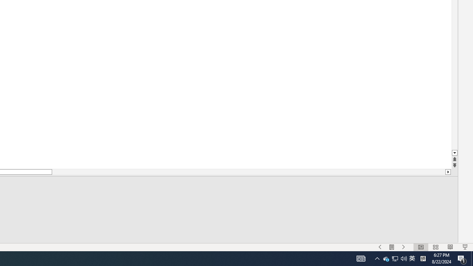 This screenshot has width=473, height=266. What do you see at coordinates (403, 247) in the screenshot?
I see `'Slide Show Next On'` at bounding box center [403, 247].